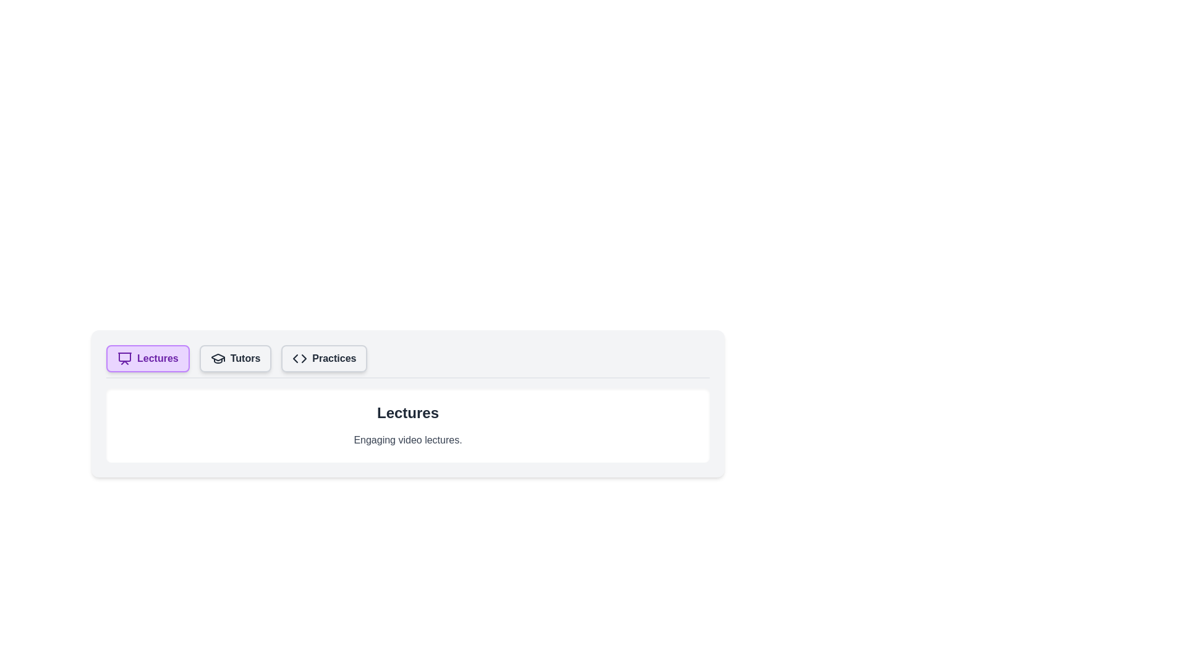 Image resolution: width=1187 pixels, height=668 pixels. I want to click on the 'Lectures' button located in the 'tabs-header' navigation bar to observe any hover effect, so click(148, 358).